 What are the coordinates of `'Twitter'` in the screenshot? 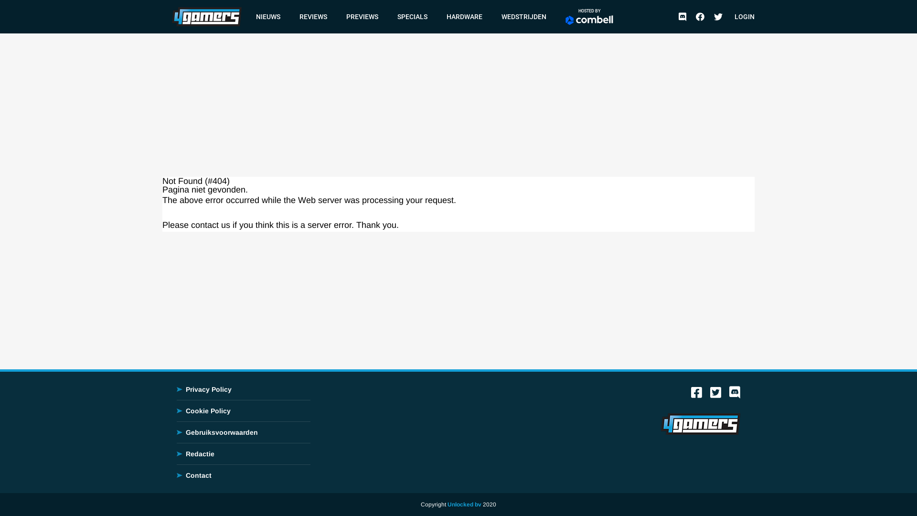 It's located at (715, 395).